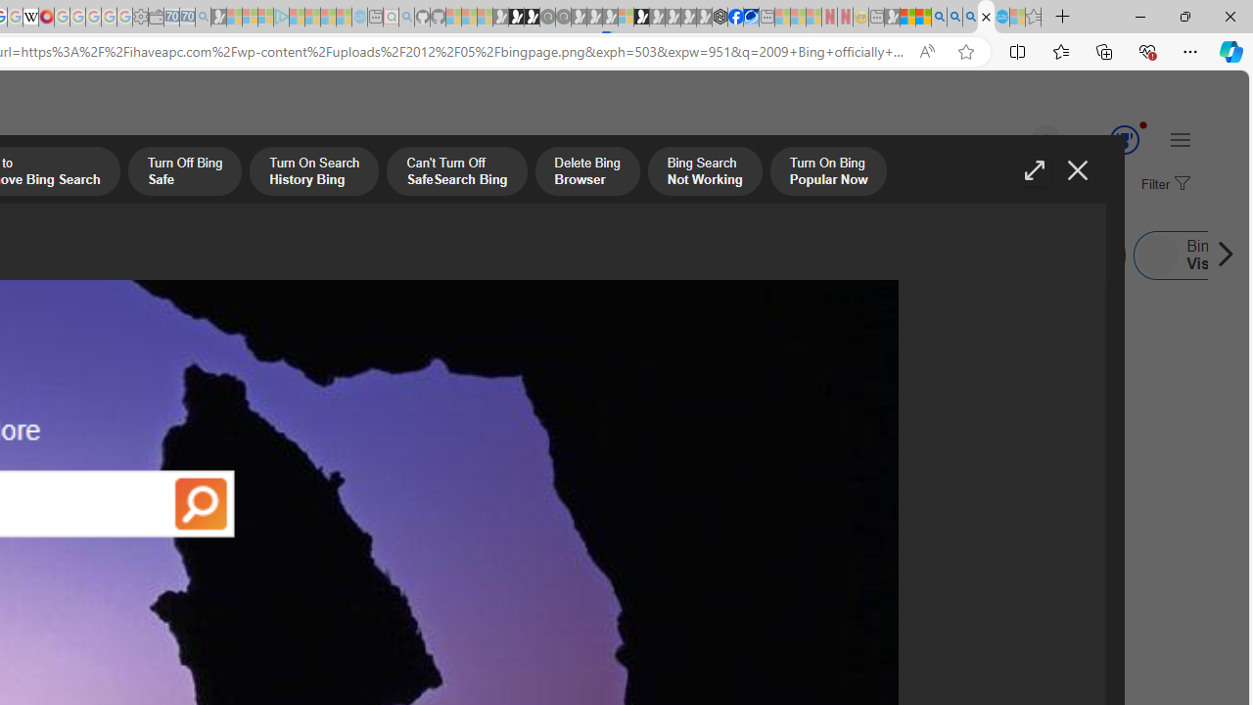 The width and height of the screenshot is (1253, 705). What do you see at coordinates (938, 17) in the screenshot?
I see `'Bing AI - Search'` at bounding box center [938, 17].